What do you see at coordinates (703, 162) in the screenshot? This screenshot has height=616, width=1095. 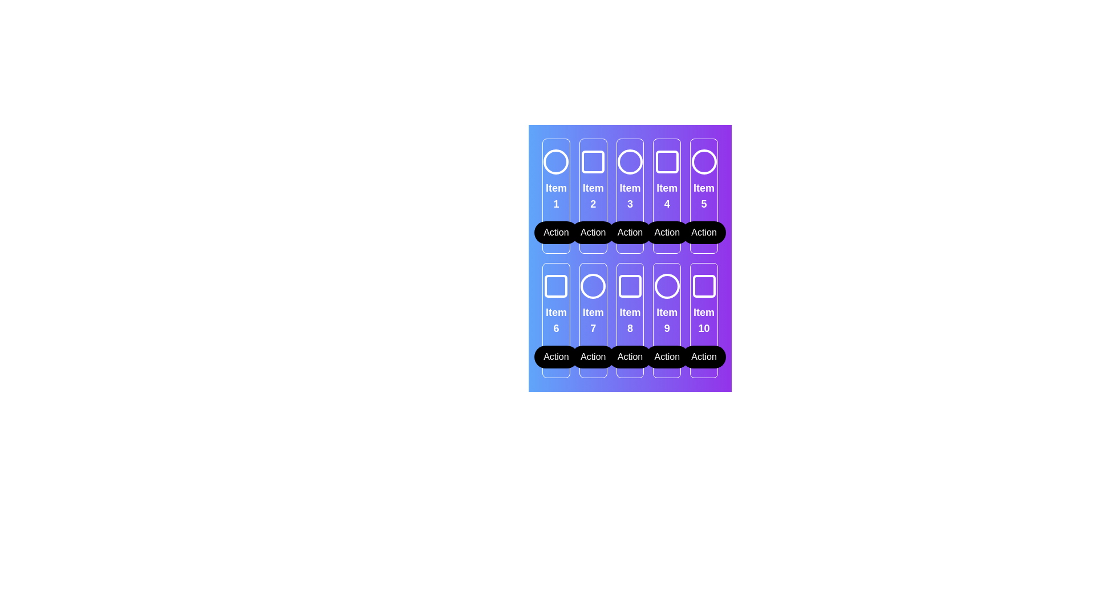 I see `the non-interactive Circle SVG element located in the top-right section of the grid, specifically in the fifth column of the first row` at bounding box center [703, 162].